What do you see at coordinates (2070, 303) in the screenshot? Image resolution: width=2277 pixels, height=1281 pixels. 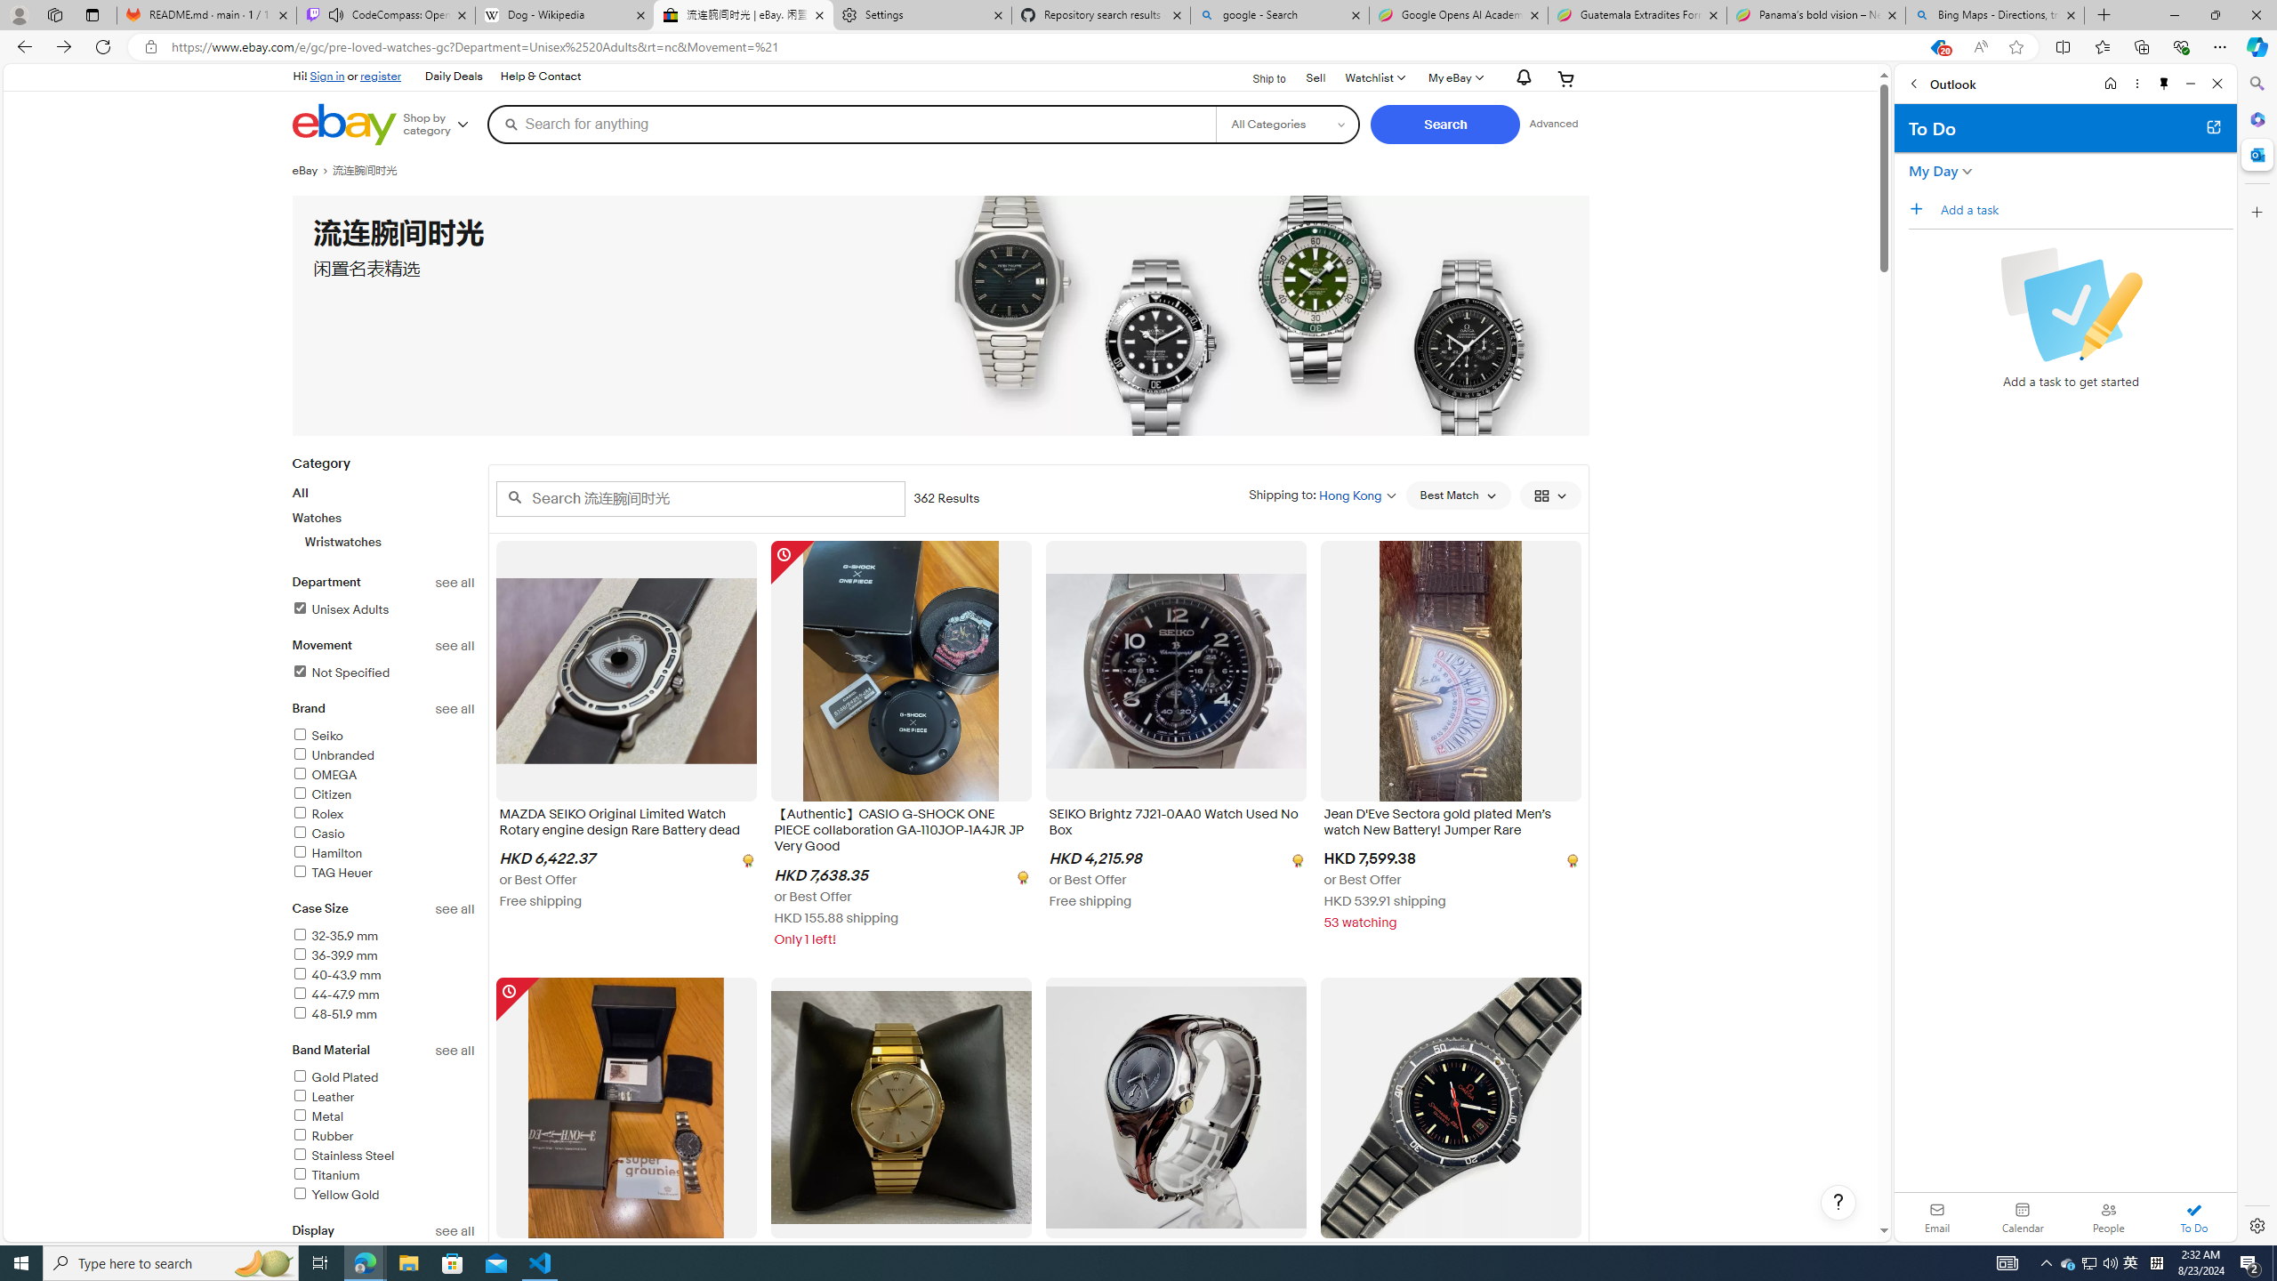 I see `'Checkbox with a pencil'` at bounding box center [2070, 303].